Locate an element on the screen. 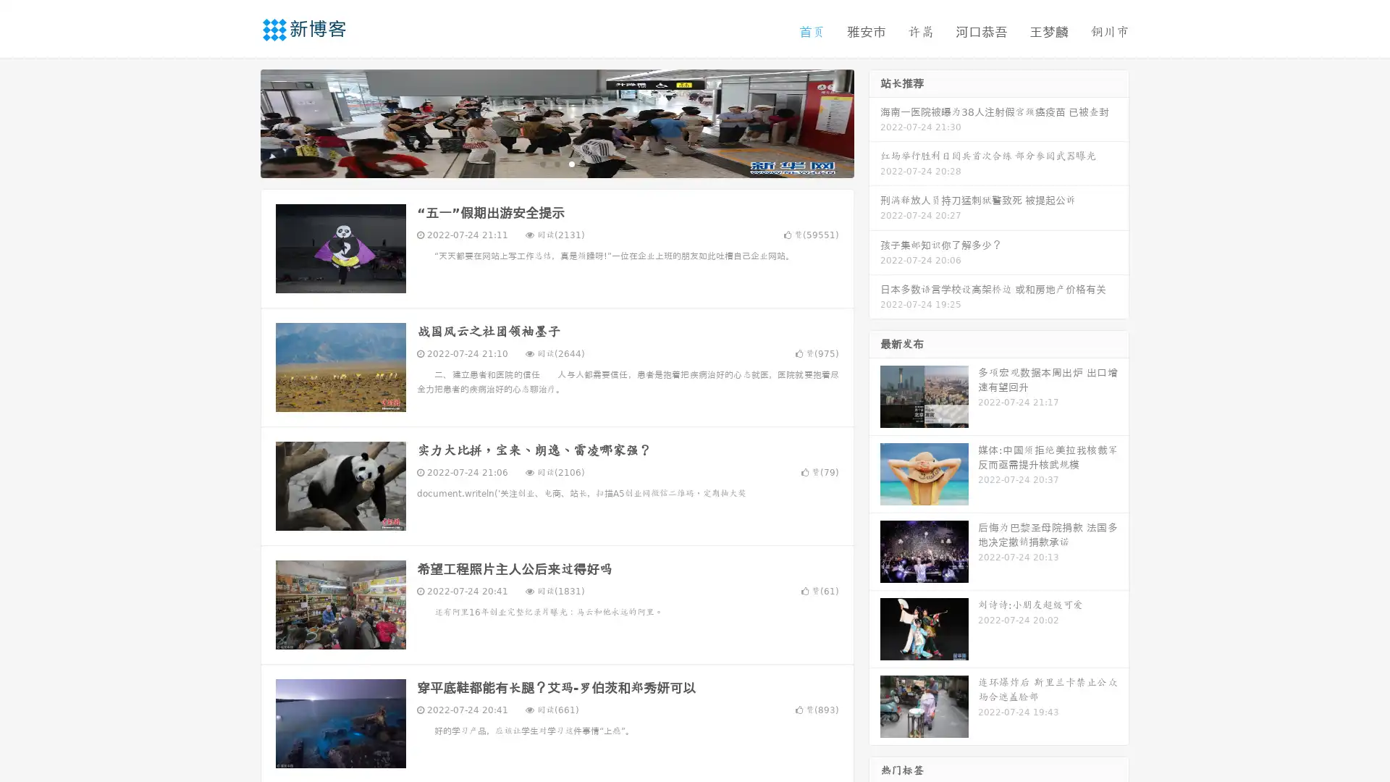  Go to slide 1 is located at coordinates (542, 163).